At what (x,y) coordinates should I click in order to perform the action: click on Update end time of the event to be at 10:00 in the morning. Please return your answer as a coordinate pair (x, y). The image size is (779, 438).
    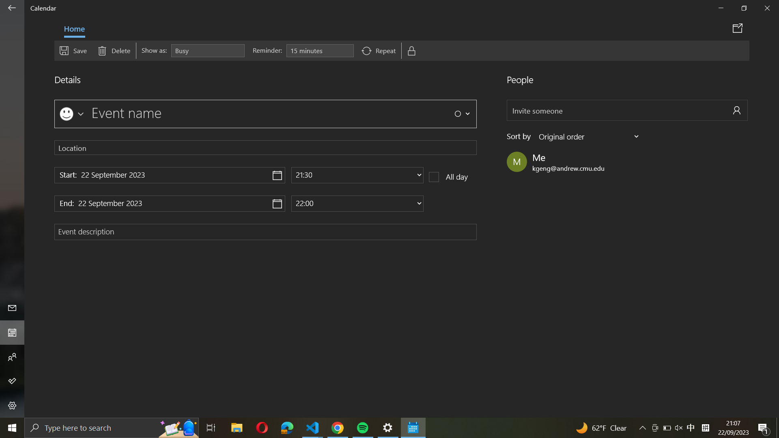
    Looking at the image, I should click on (357, 203).